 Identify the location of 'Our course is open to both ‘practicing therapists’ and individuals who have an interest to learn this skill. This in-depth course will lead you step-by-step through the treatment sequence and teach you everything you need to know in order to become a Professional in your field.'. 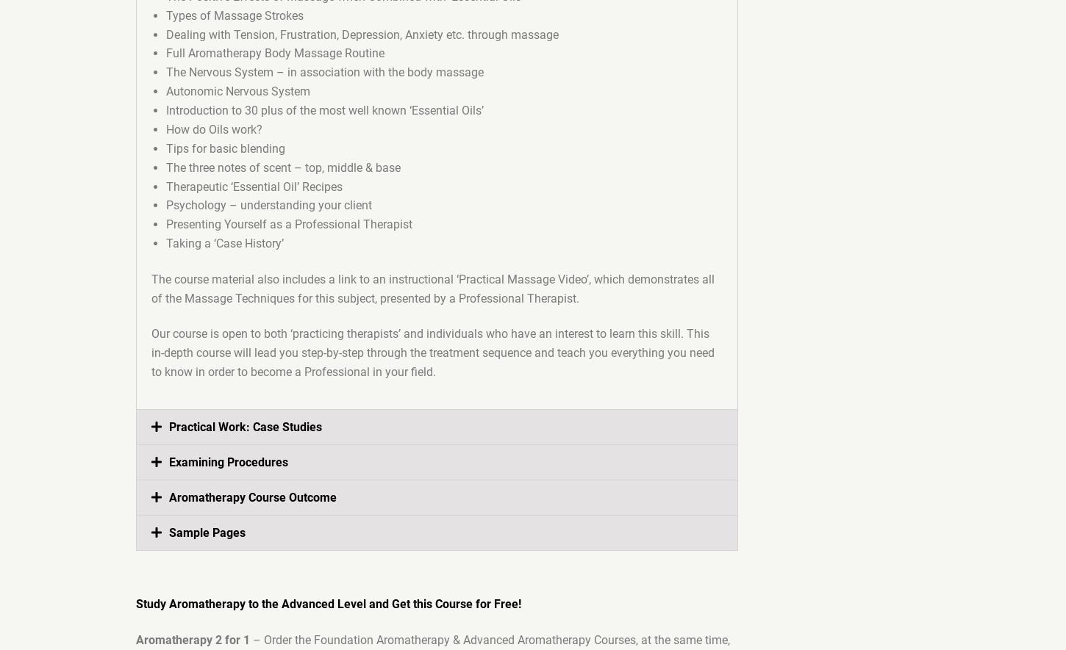
(432, 352).